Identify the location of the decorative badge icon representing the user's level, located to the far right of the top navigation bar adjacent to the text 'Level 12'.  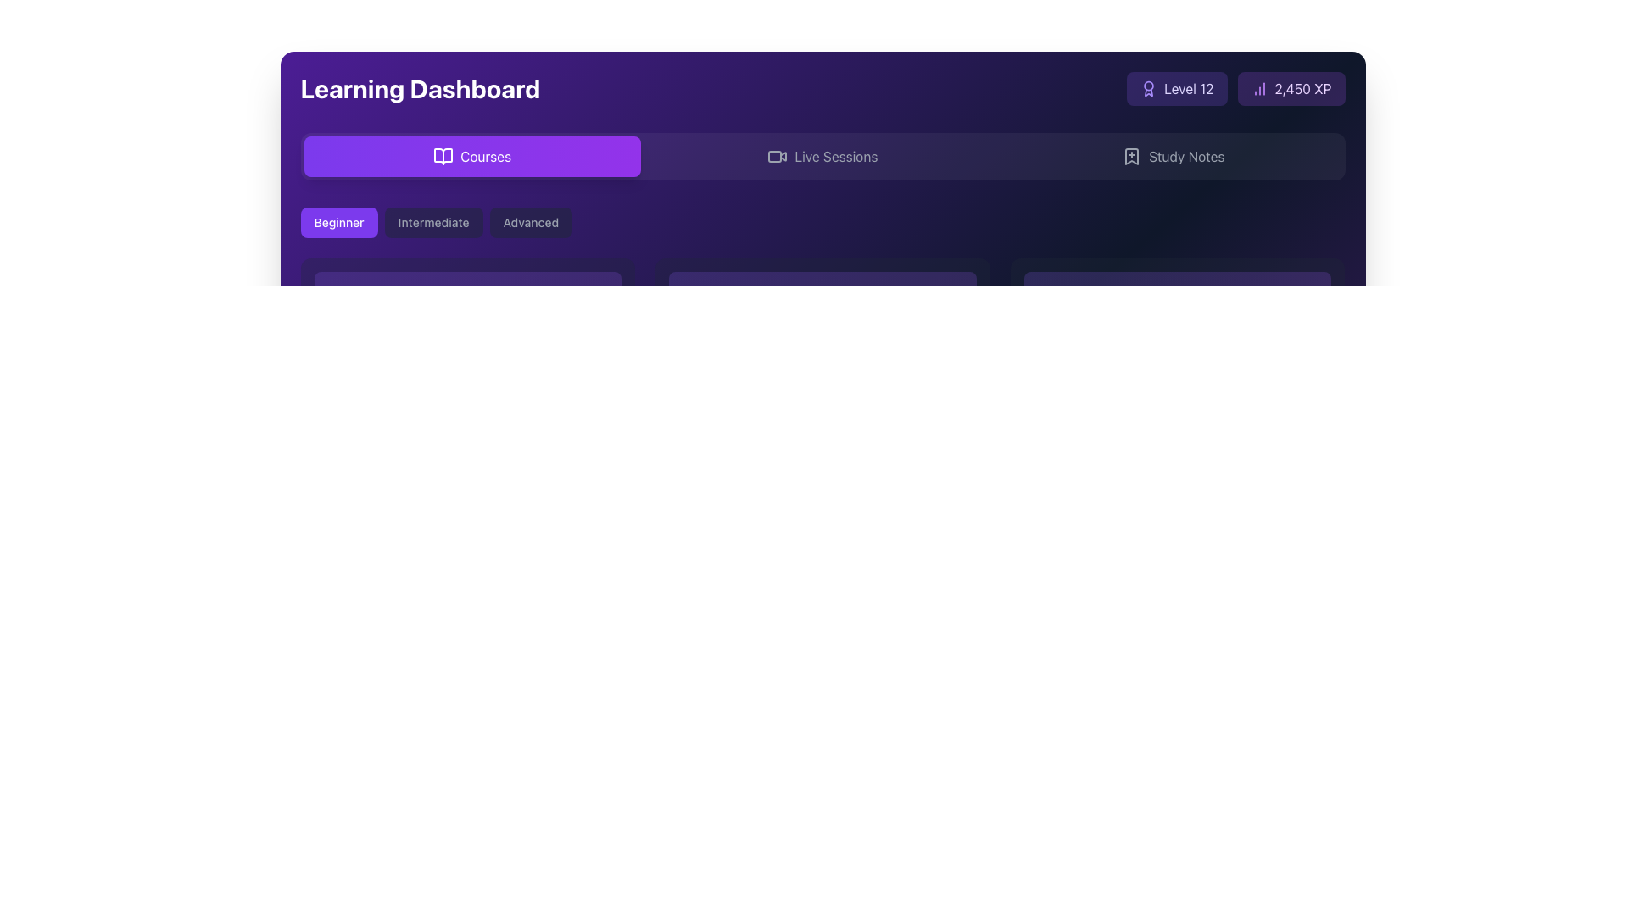
(1149, 88).